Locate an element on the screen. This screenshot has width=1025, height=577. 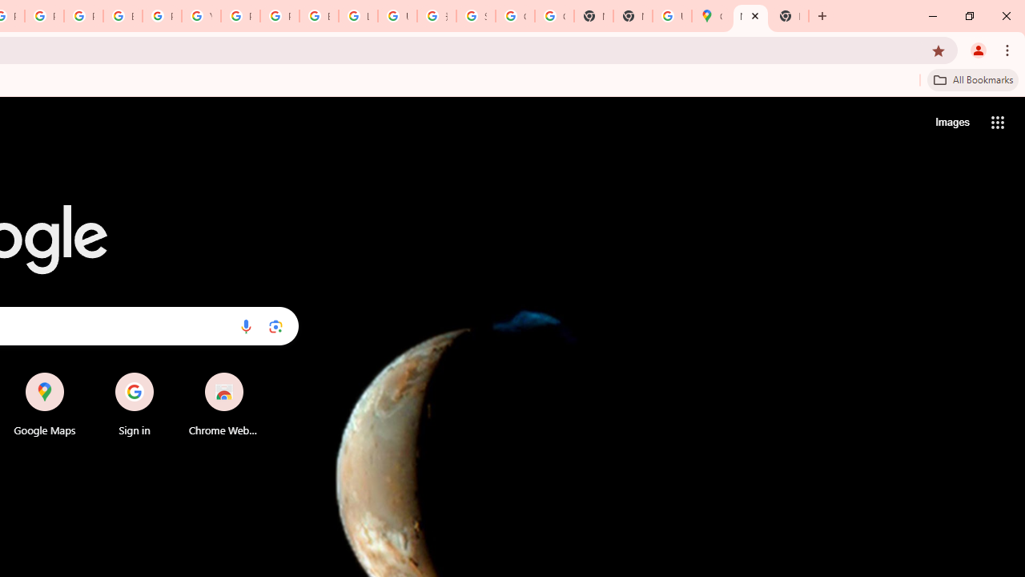
'Google Maps' is located at coordinates (45, 404).